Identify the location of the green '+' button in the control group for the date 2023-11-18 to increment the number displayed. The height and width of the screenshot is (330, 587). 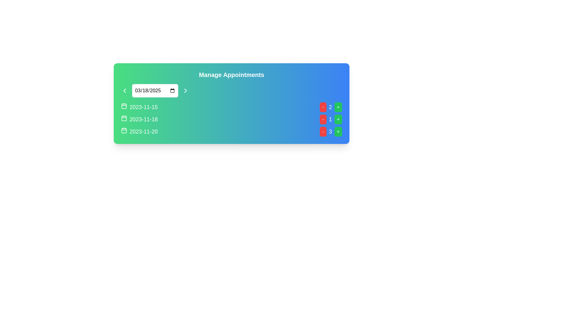
(330, 119).